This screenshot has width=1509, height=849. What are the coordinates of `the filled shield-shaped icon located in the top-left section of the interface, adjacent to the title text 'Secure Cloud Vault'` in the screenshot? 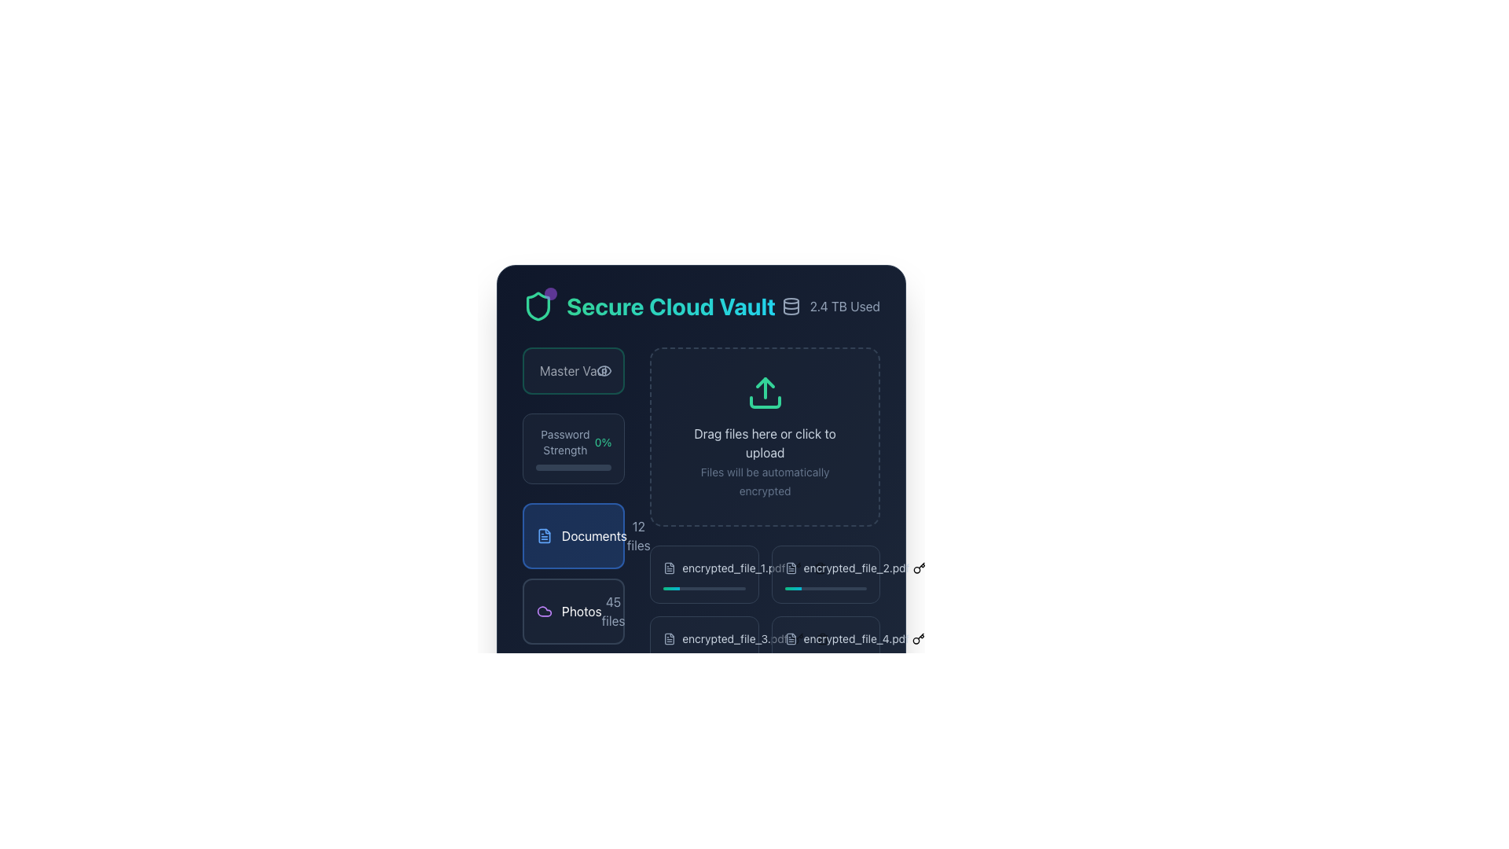 It's located at (538, 306).